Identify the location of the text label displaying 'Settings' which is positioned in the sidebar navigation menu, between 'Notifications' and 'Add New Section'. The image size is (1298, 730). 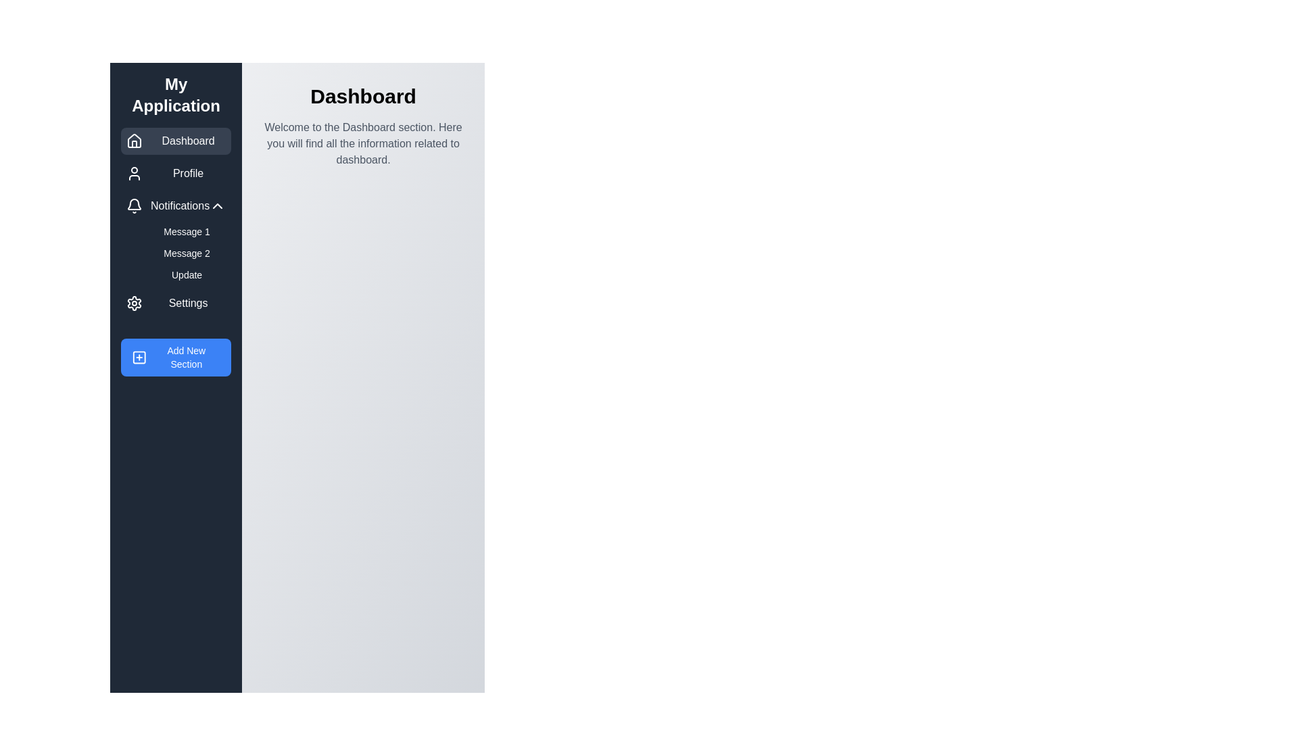
(187, 302).